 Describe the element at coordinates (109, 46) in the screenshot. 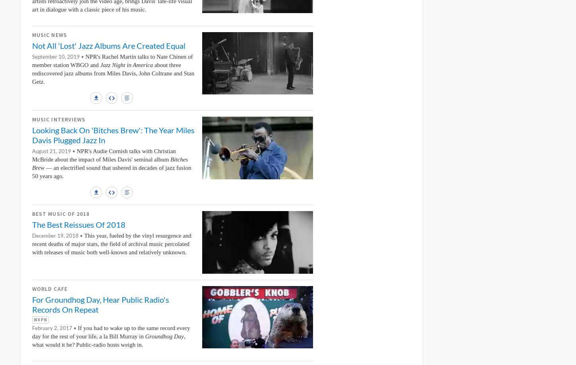

I see `'Not All 'Lost' Jazz Albums Are Created Equal'` at that location.